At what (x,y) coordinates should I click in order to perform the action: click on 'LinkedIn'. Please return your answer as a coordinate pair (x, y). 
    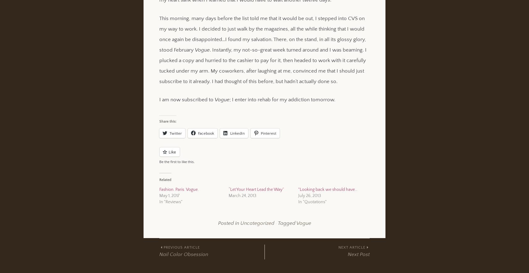
    Looking at the image, I should click on (237, 133).